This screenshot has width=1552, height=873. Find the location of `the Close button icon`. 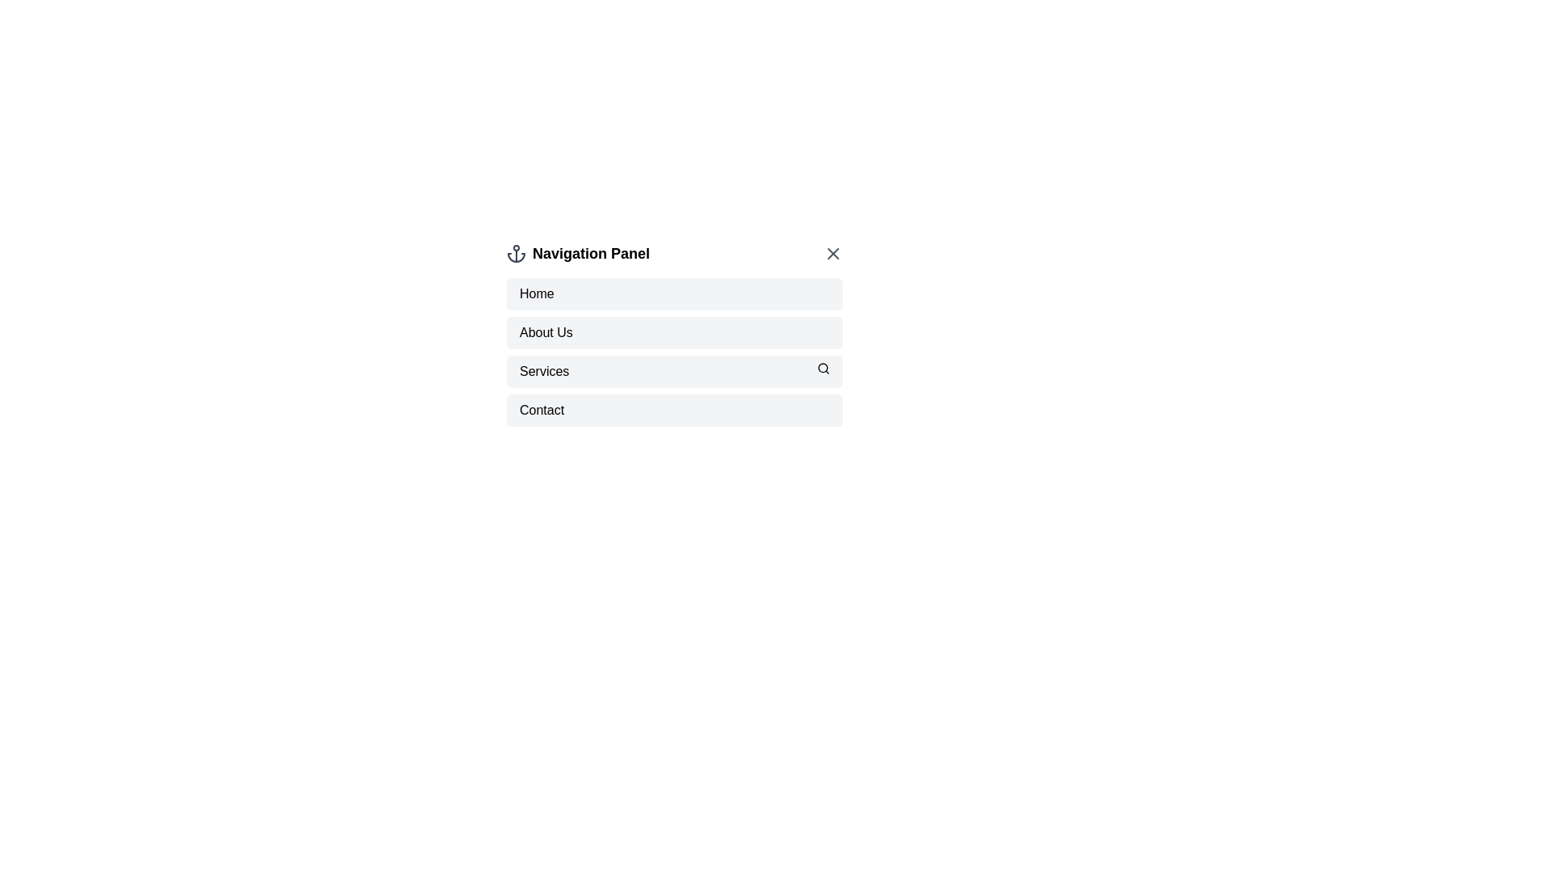

the Close button icon is located at coordinates (833, 253).